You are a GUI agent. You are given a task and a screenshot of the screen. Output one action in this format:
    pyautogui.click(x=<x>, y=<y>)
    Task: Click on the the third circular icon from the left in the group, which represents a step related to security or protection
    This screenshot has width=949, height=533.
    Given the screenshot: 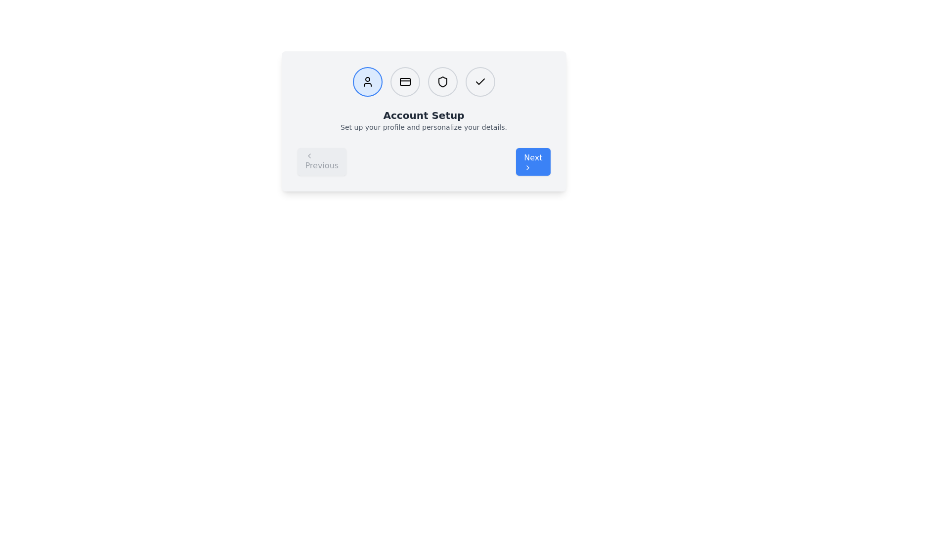 What is the action you would take?
    pyautogui.click(x=442, y=81)
    